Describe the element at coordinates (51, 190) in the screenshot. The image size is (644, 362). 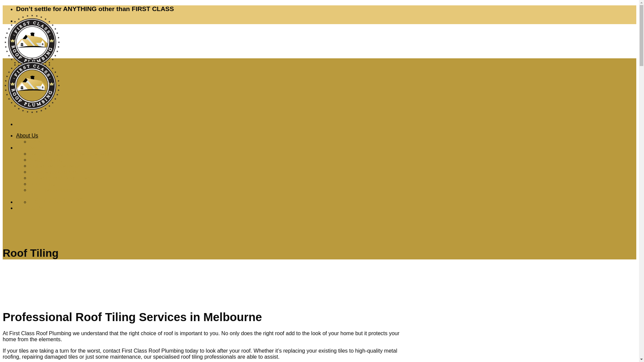
I see `'Roof Restorations'` at that location.